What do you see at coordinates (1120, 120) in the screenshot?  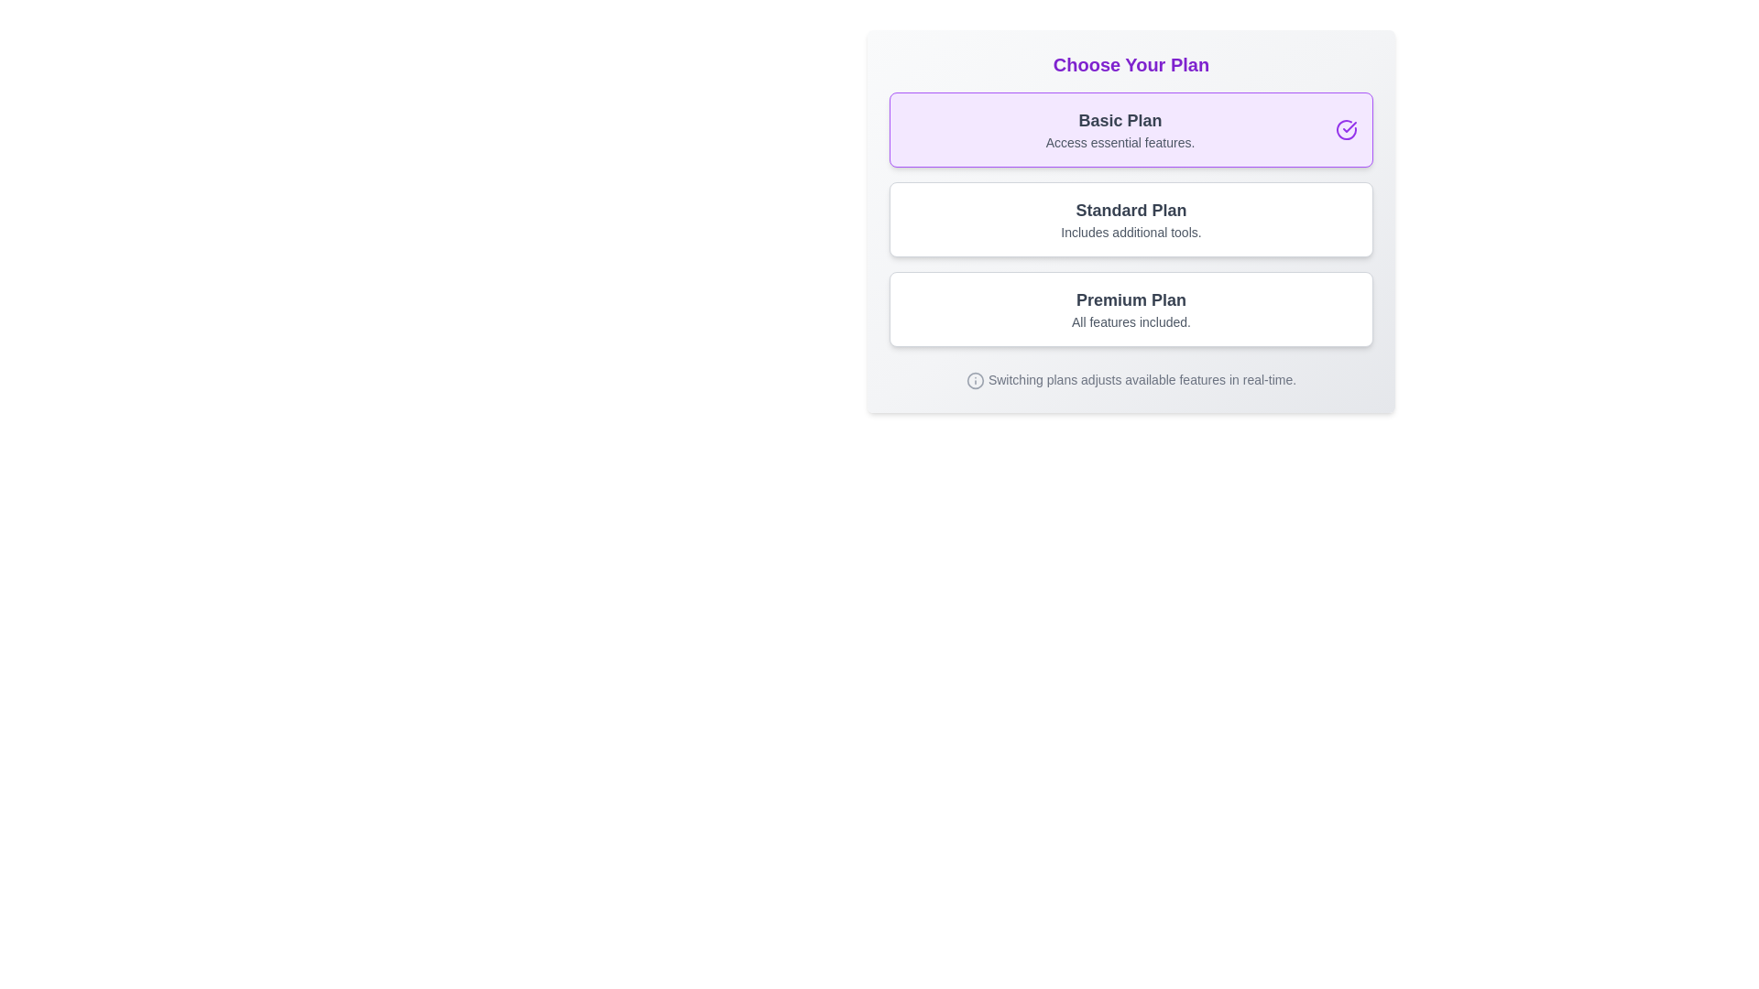 I see `the heading text element for the 'Basic Plan' card, which is positioned at the top of the card and distinguishes it from other plans` at bounding box center [1120, 120].